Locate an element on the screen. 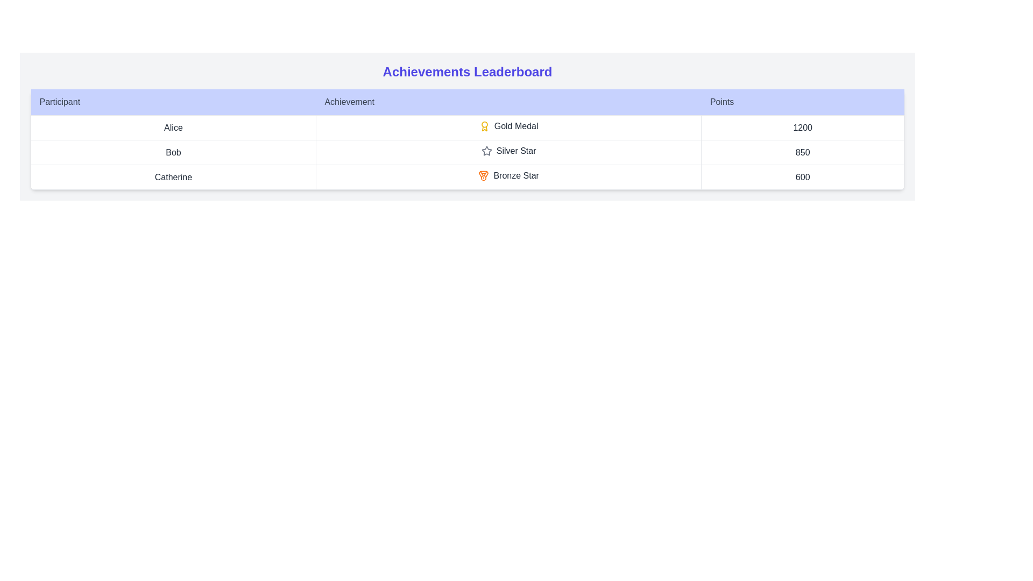 Image resolution: width=1033 pixels, height=581 pixels. details of the SVG-based star icon located in the 'Achievement' column of the leaderboard table for 'Bob' in the second row is located at coordinates (486, 151).